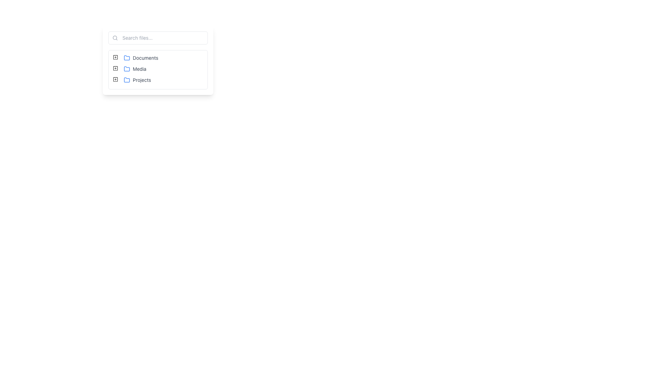  What do you see at coordinates (139, 69) in the screenshot?
I see `the text label indicating the name of a folder or category, located in the left-side panel, second entry below the search bar titled 'Documents'` at bounding box center [139, 69].